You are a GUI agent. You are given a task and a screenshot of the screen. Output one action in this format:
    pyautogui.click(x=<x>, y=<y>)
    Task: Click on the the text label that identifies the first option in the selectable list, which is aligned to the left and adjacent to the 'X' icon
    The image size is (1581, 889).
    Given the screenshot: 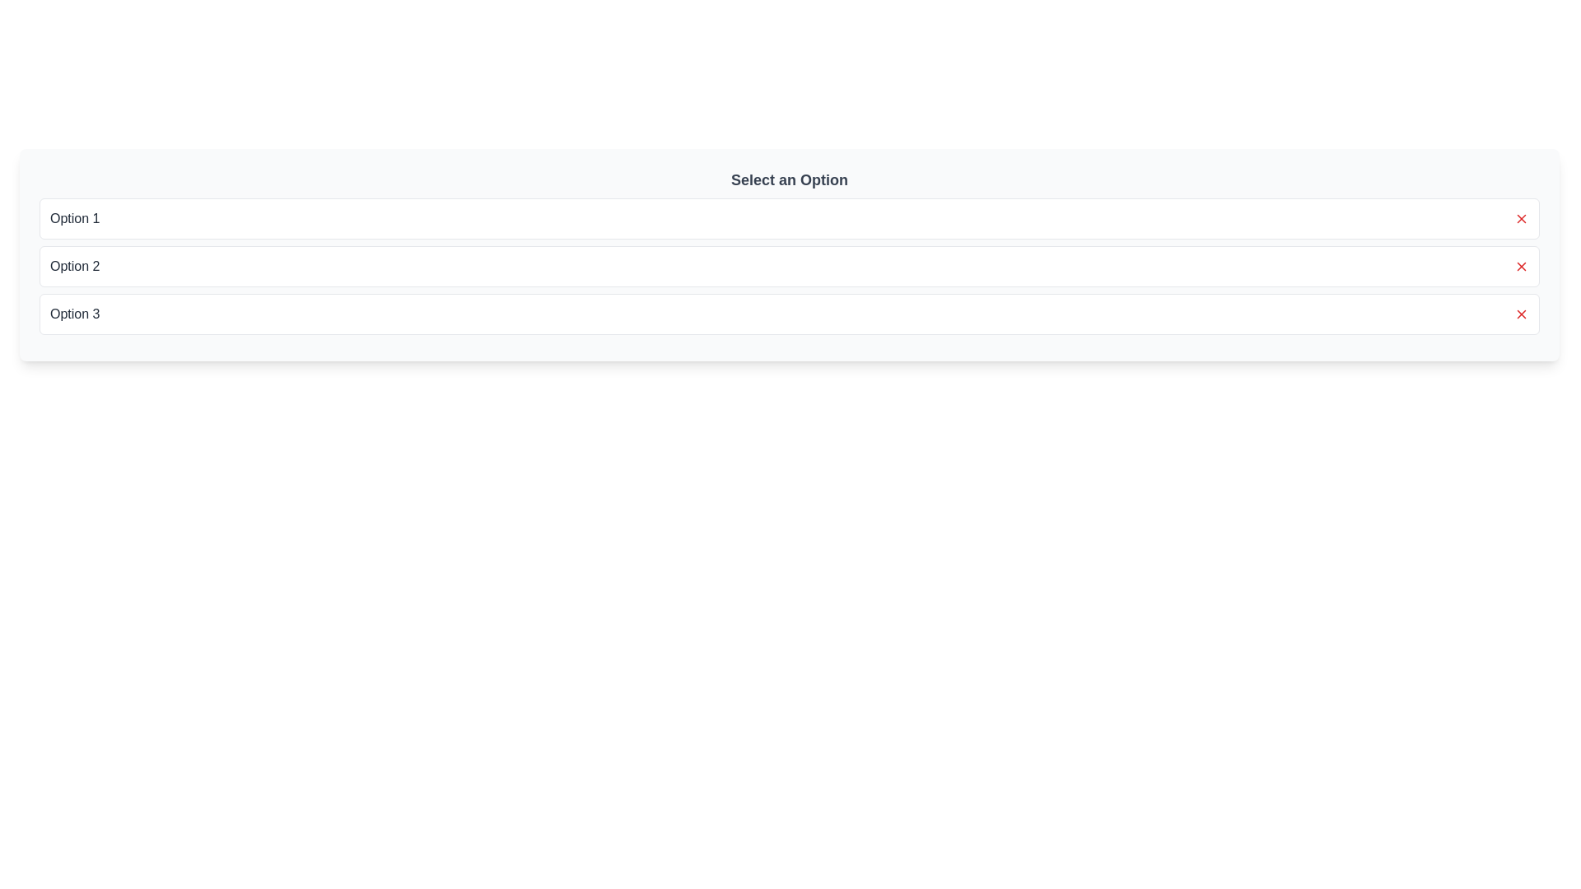 What is the action you would take?
    pyautogui.click(x=74, y=218)
    